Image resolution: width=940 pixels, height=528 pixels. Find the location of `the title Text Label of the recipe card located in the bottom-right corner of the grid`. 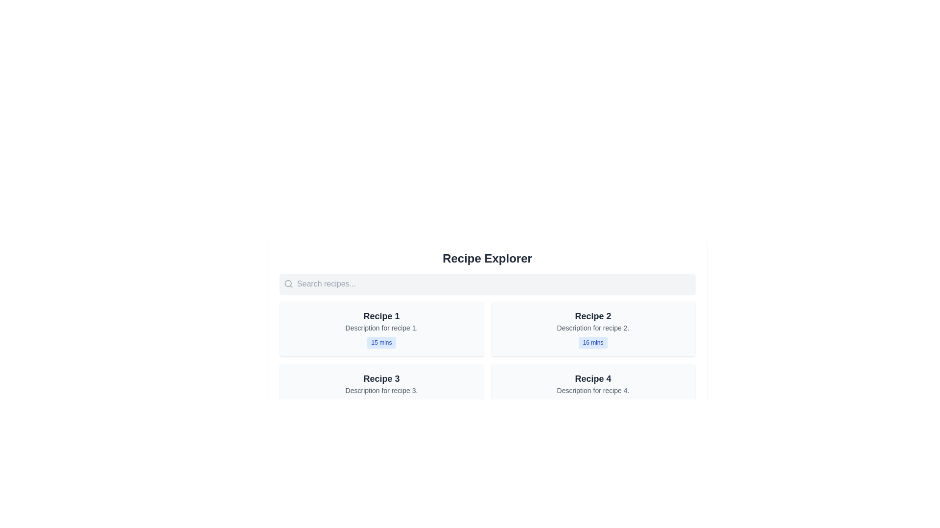

the title Text Label of the recipe card located in the bottom-right corner of the grid is located at coordinates (592, 378).